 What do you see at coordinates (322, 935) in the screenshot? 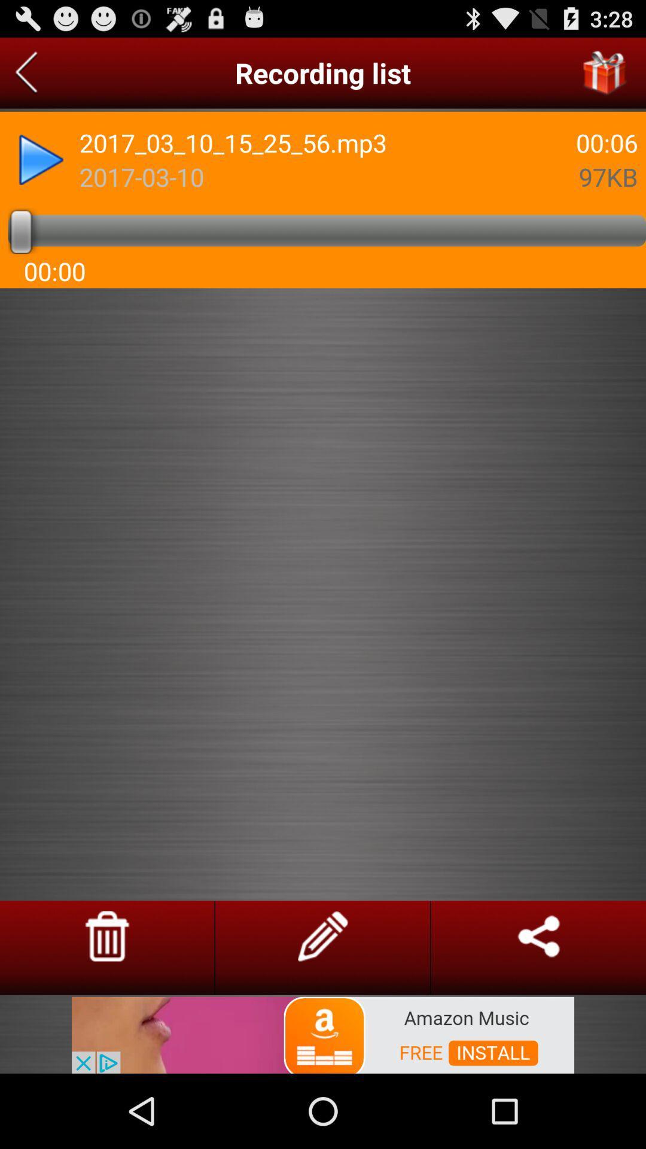
I see `take notes` at bounding box center [322, 935].